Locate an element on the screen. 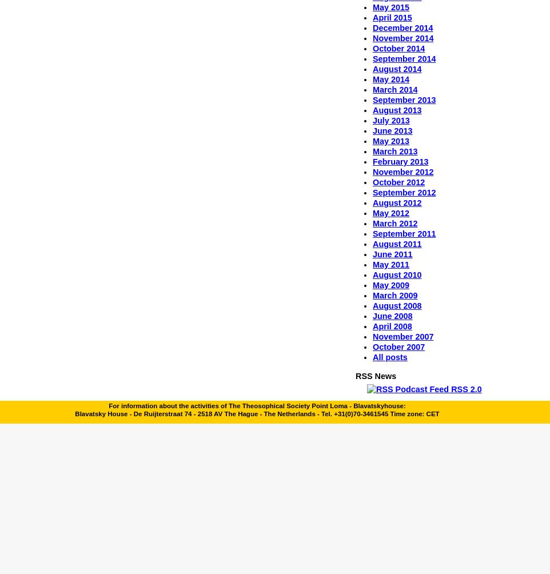  'September 2014' is located at coordinates (403, 59).